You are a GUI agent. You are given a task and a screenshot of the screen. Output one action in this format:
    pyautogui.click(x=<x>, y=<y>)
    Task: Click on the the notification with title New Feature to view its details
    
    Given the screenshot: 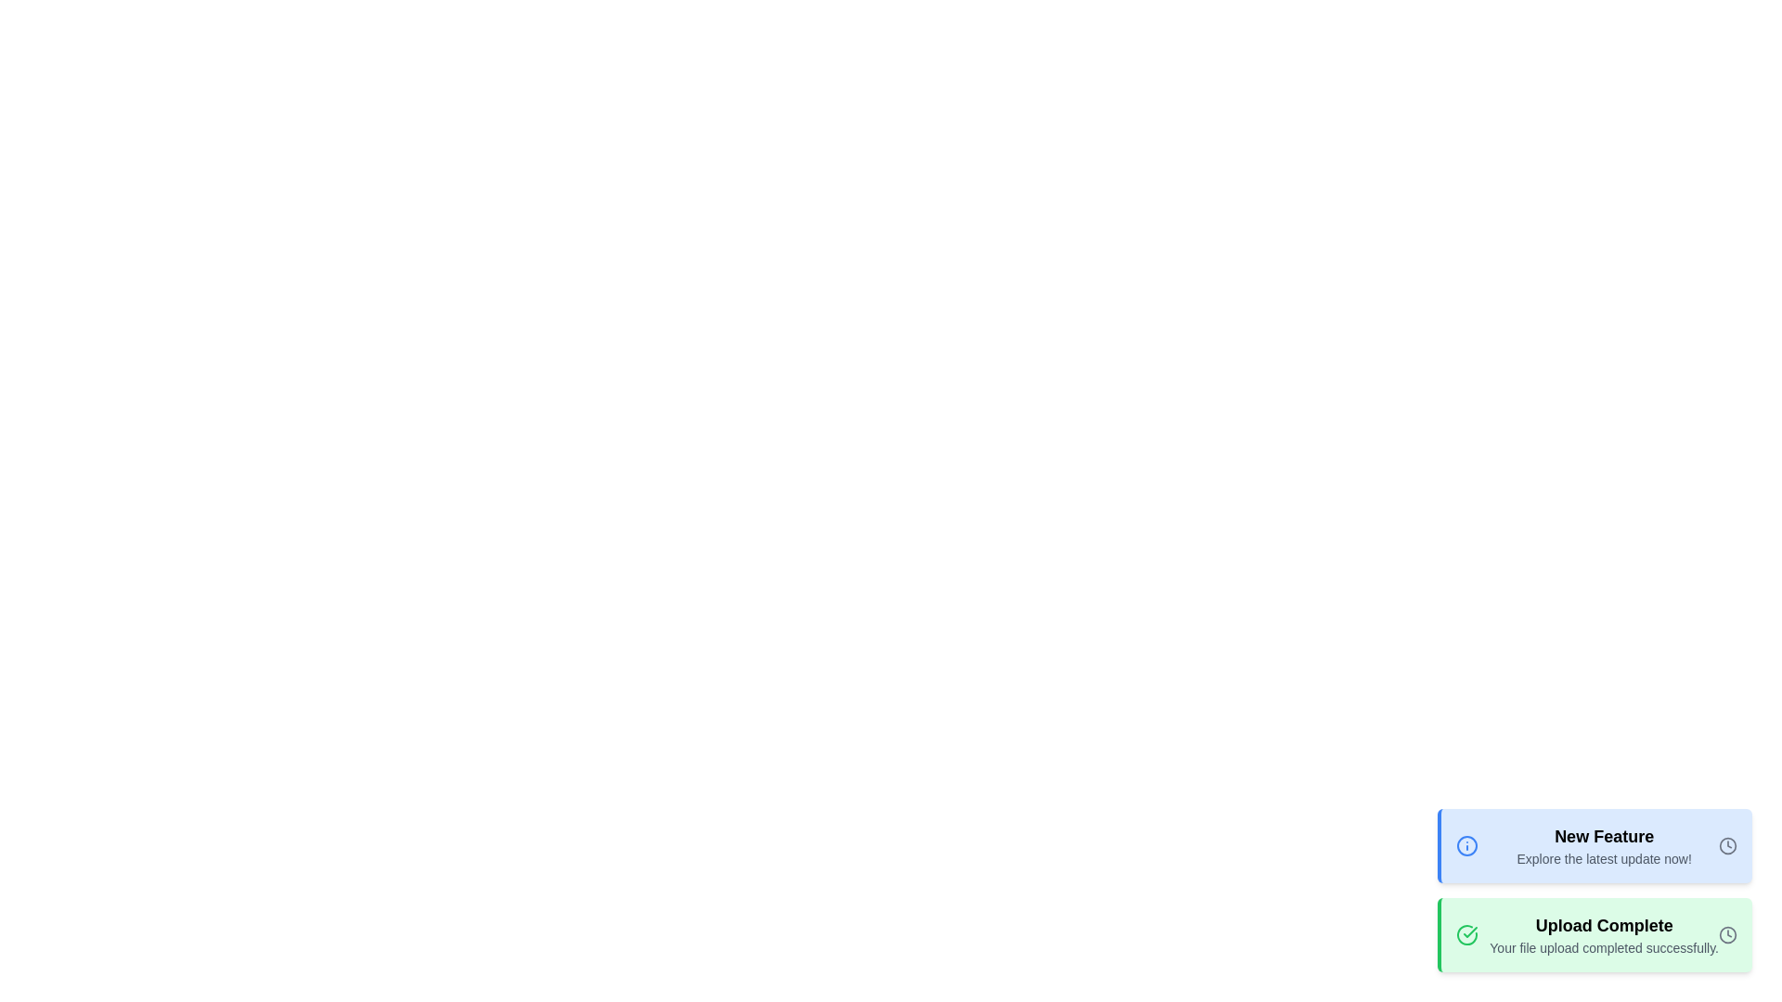 What is the action you would take?
    pyautogui.click(x=1594, y=845)
    